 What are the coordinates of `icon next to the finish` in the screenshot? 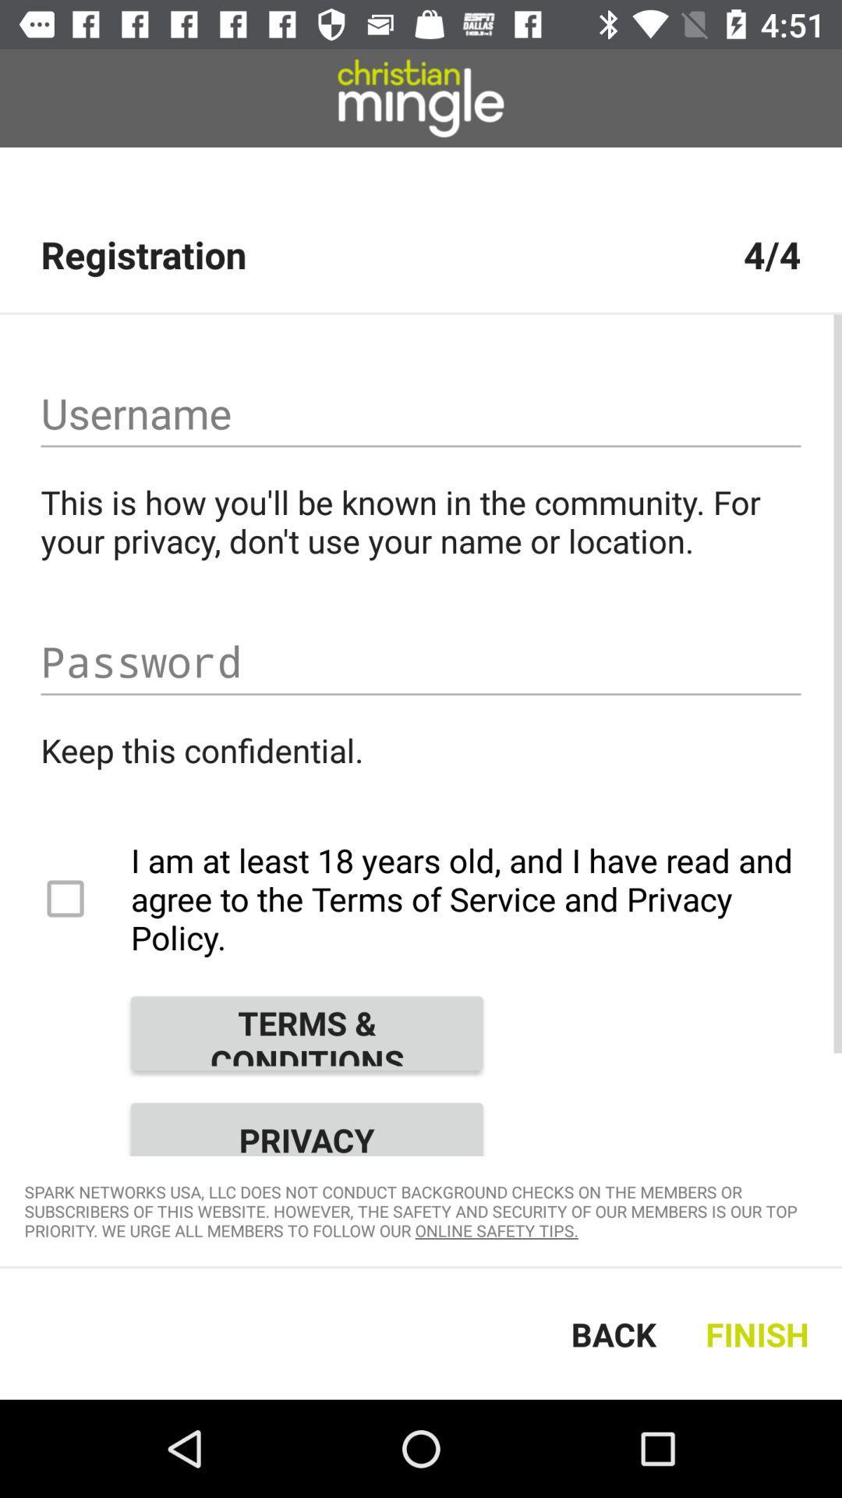 It's located at (613, 1333).